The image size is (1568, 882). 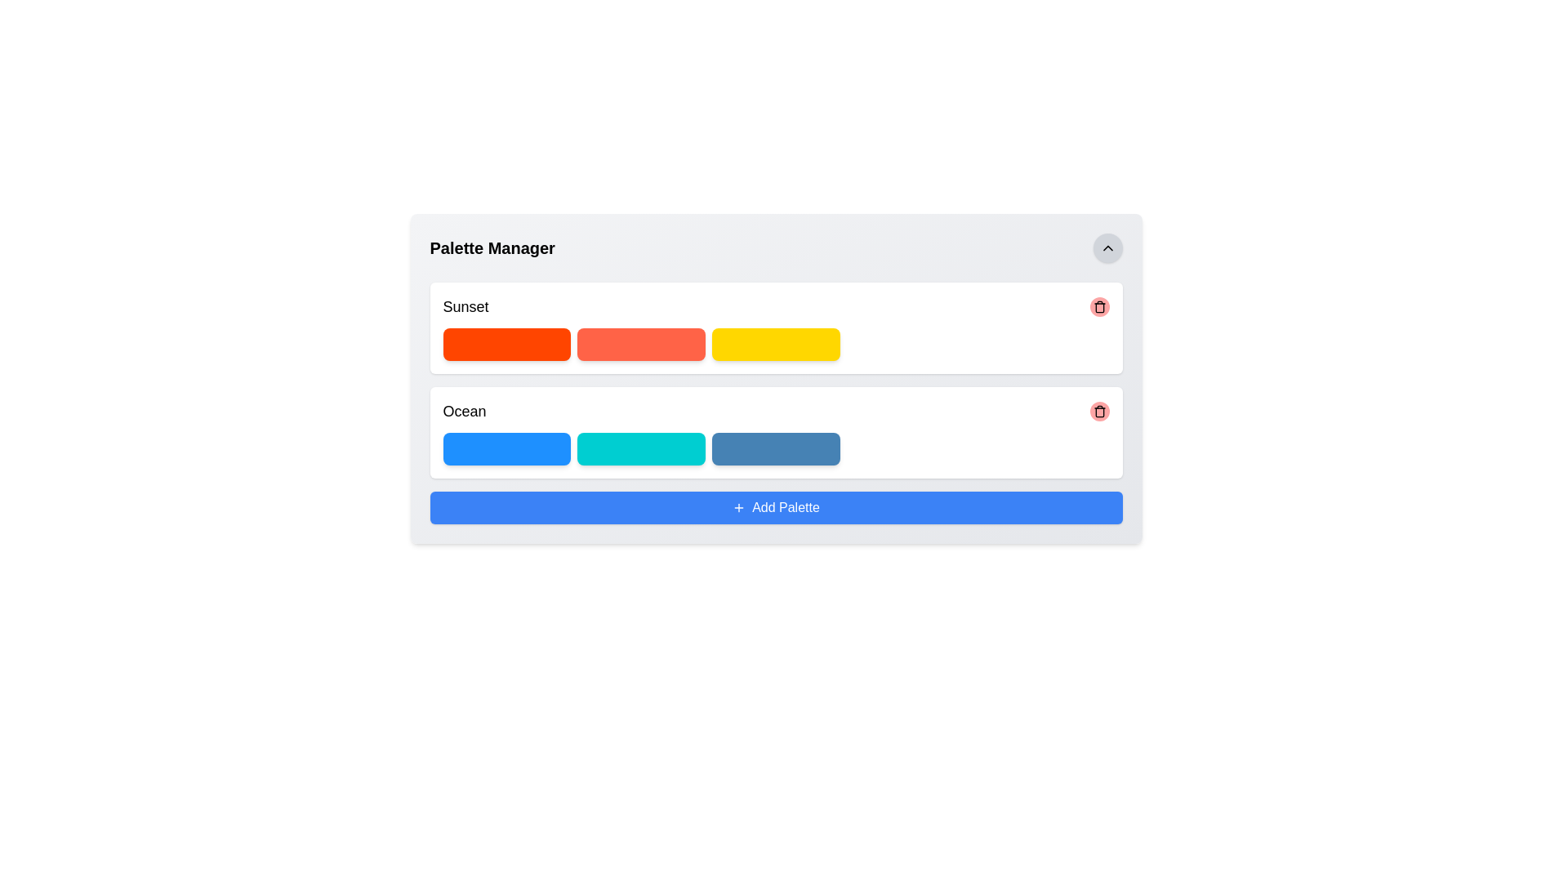 What do you see at coordinates (1099, 411) in the screenshot?
I see `the circular red button with a trash icon located in the upper right part of the 'Ocean' palette group to trigger its hover effects` at bounding box center [1099, 411].